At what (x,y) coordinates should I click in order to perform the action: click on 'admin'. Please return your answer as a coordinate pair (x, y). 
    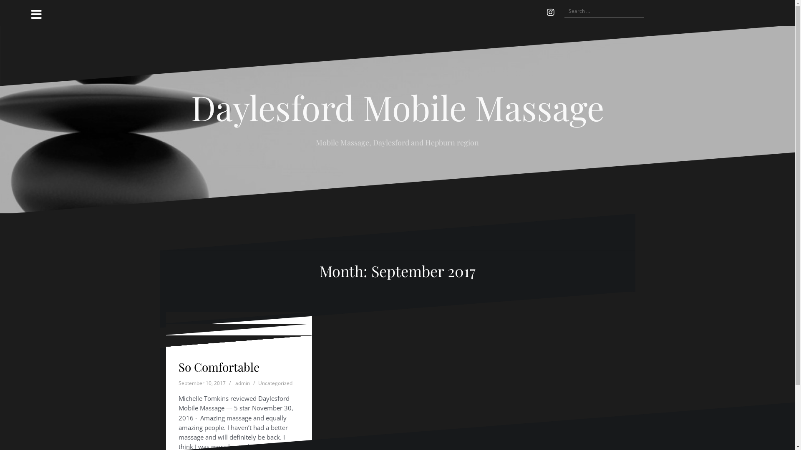
    Looking at the image, I should click on (242, 395).